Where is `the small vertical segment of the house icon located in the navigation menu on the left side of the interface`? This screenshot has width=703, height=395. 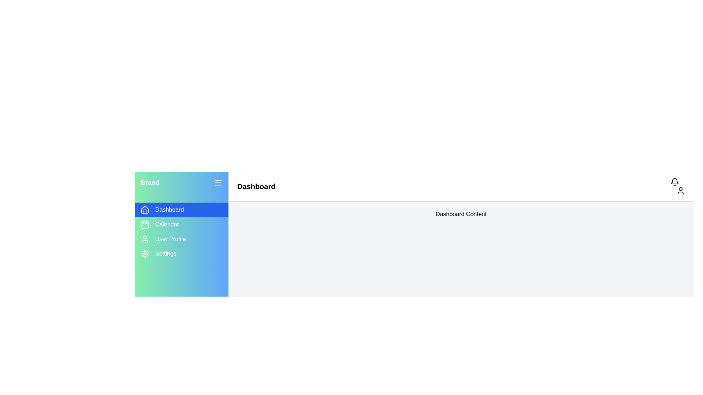 the small vertical segment of the house icon located in the navigation menu on the left side of the interface is located at coordinates (145, 211).